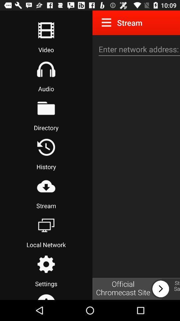 This screenshot has width=180, height=321. I want to click on the visibility icon, so click(46, 186).